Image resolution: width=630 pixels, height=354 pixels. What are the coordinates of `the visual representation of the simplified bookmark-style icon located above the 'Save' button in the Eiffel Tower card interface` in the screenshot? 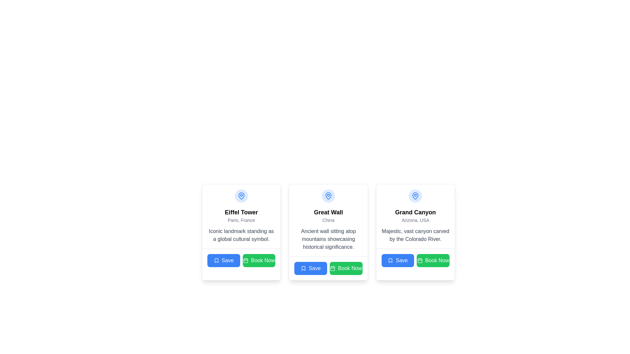 It's located at (216, 260).